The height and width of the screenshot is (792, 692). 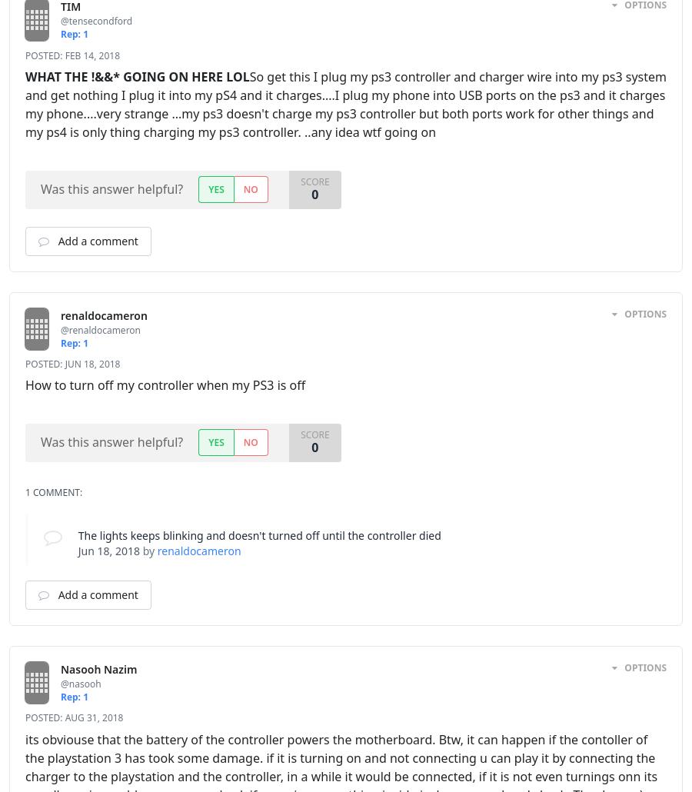 What do you see at coordinates (115, 21) in the screenshot?
I see `'@tensecondford'` at bounding box center [115, 21].